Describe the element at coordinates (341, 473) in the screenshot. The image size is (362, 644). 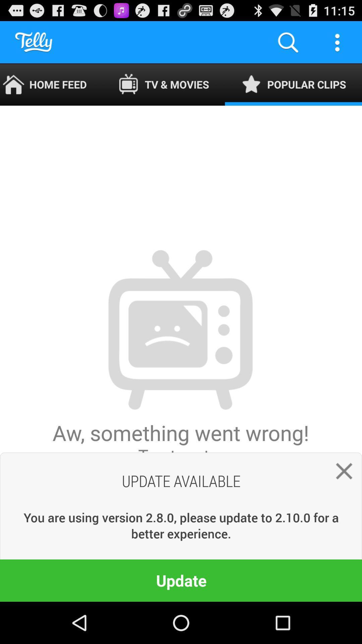
I see `the item below the popular clips icon` at that location.